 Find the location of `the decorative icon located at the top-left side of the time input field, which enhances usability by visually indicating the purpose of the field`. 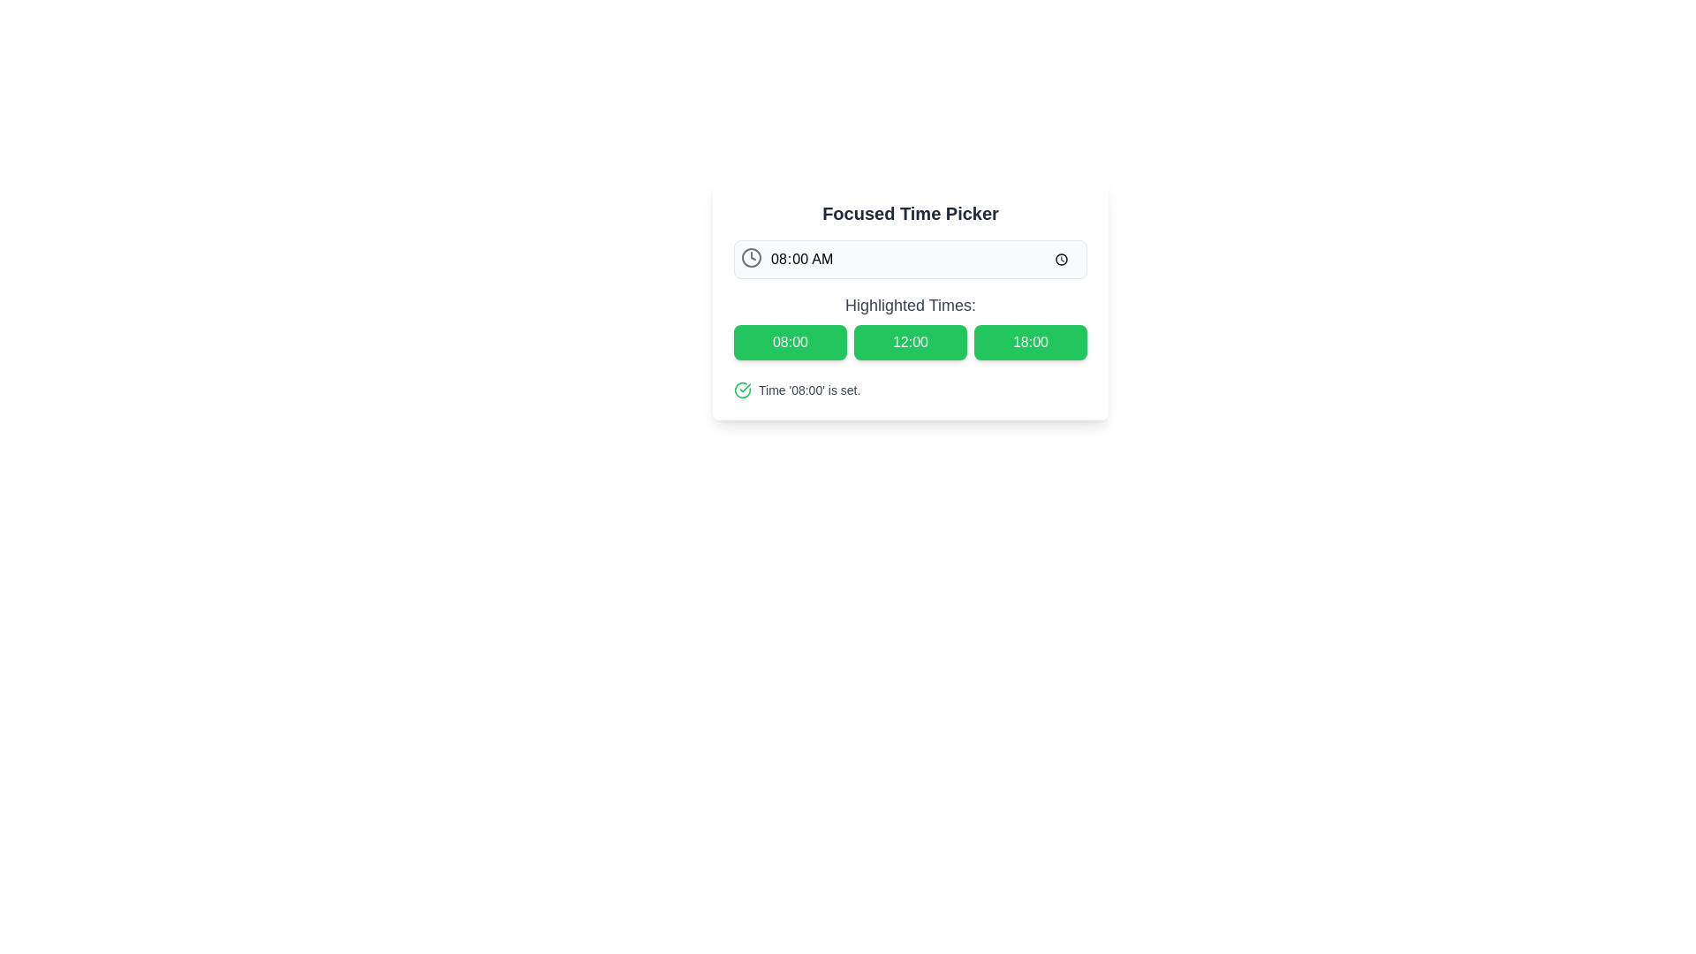

the decorative icon located at the top-left side of the time input field, which enhances usability by visually indicating the purpose of the field is located at coordinates (751, 258).